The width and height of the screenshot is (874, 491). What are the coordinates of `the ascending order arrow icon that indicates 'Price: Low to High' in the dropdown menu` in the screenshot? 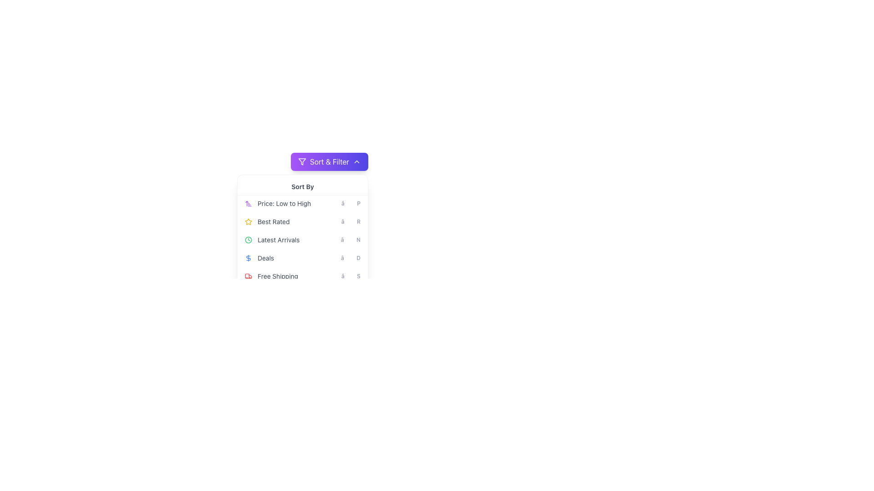 It's located at (249, 203).